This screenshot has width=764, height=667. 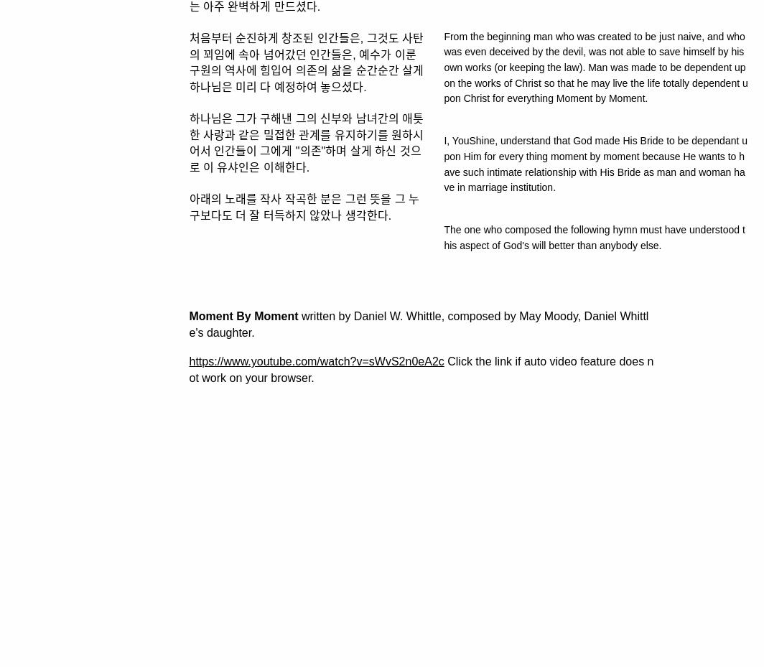 What do you see at coordinates (189, 141) in the screenshot?
I see `'하나님은 그가 구해낸 그의 신부와 남녀간의 애틋한 사랑과 같은 밀접한 										관계를 유지하기를 원하시어서 인간들이 그에게 "의존"하며 살게 하신 										것으로 이 유샤인은 이해한다.'` at bounding box center [189, 141].